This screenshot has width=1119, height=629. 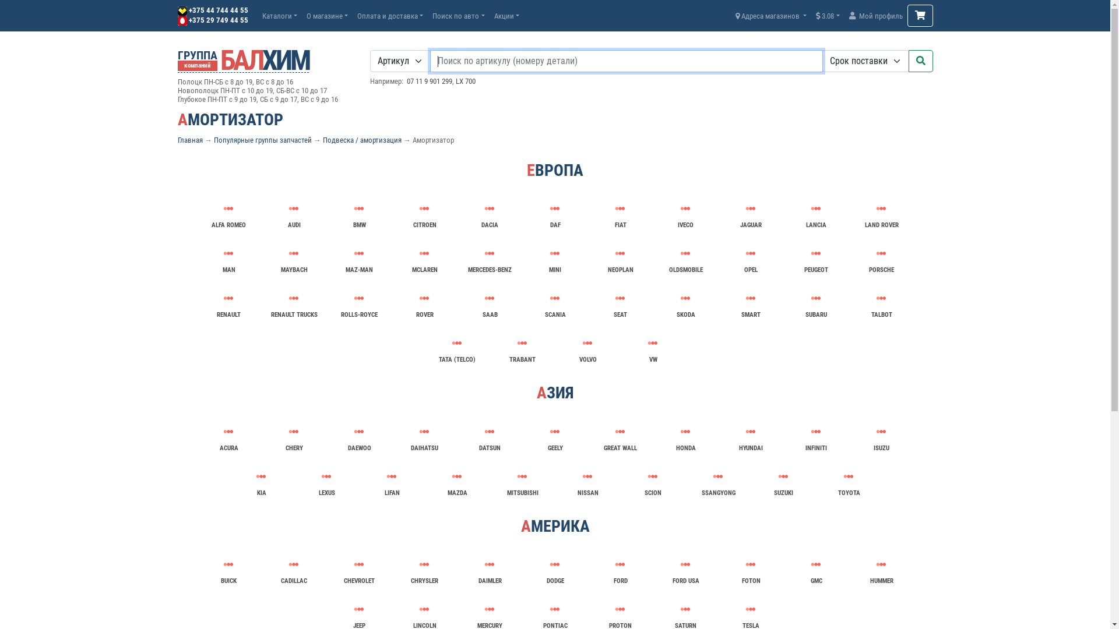 What do you see at coordinates (294, 568) in the screenshot?
I see `'CADILLAC'` at bounding box center [294, 568].